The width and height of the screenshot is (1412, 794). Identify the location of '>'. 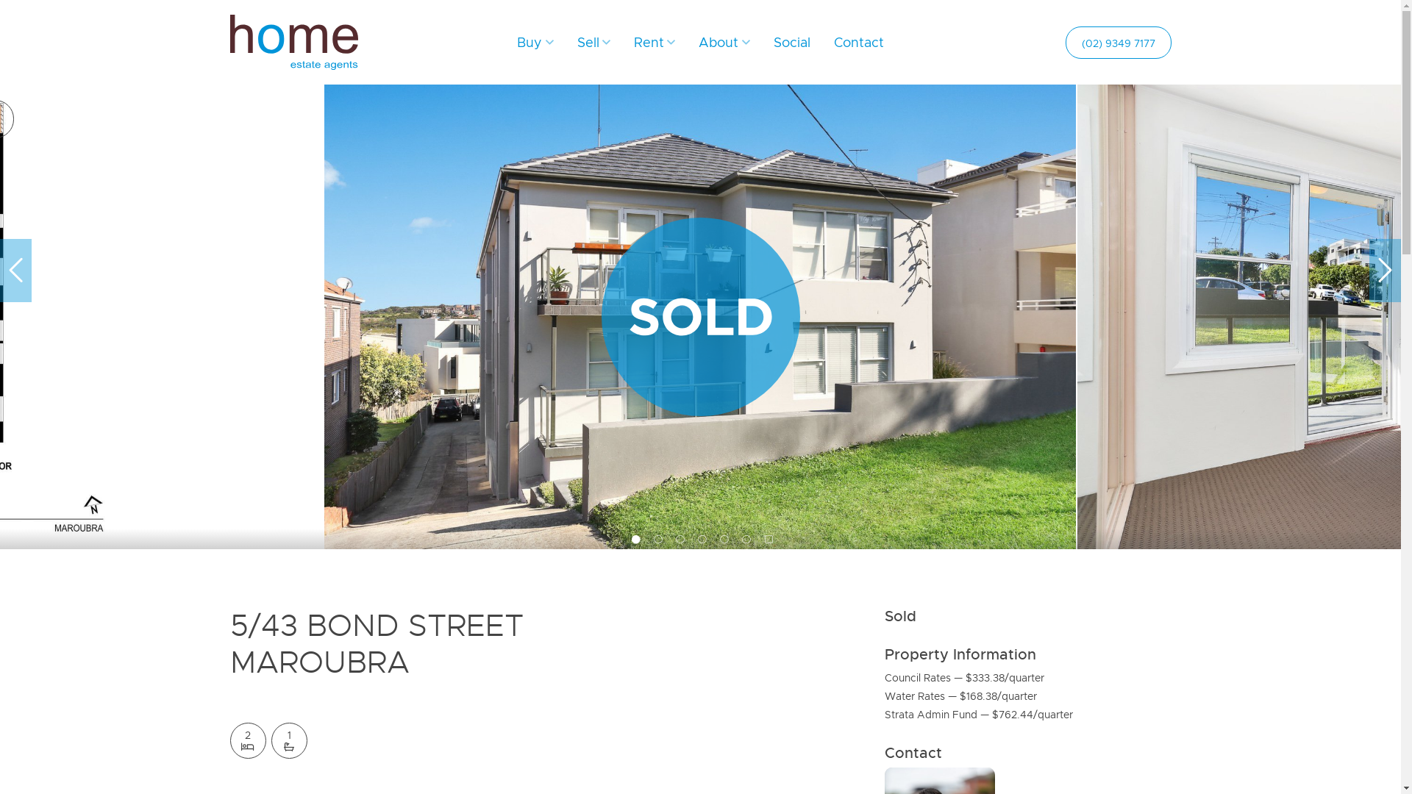
(1384, 270).